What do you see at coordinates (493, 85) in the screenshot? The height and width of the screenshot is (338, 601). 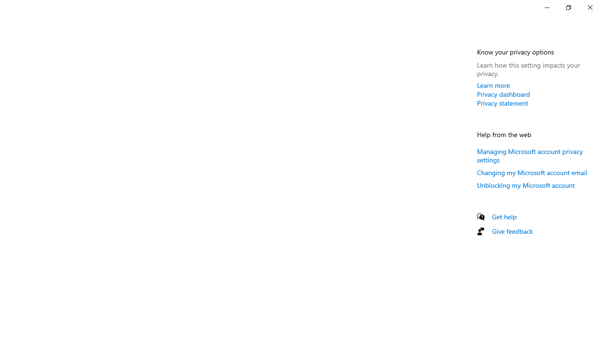 I see `'Learn more'` at bounding box center [493, 85].